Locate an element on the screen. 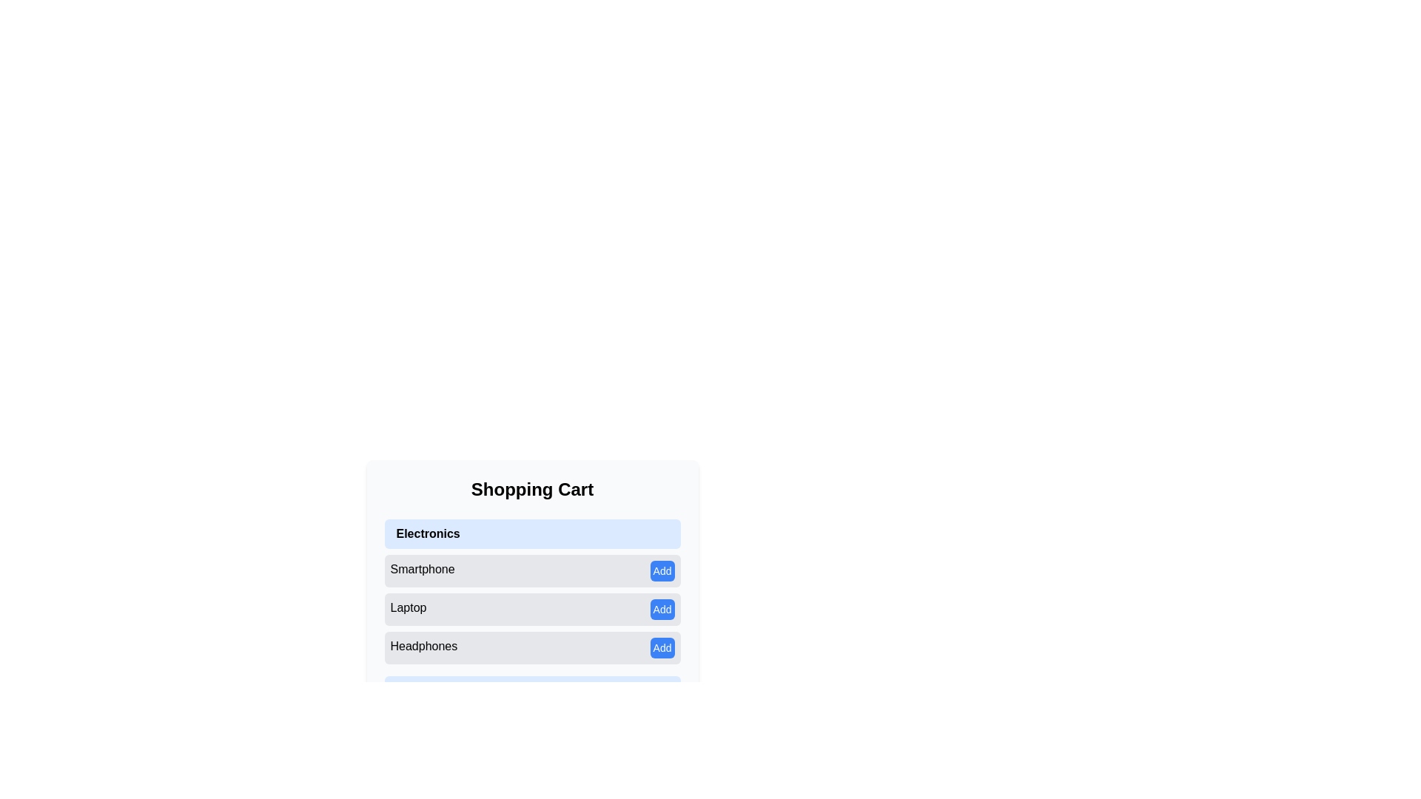 The width and height of the screenshot is (1421, 799). the text label displaying 'Laptop', which is styled in black on a white background and located in the middle section of the shopping cart list, positioned between 'Smartphone' and 'Headphones' is located at coordinates (409, 610).